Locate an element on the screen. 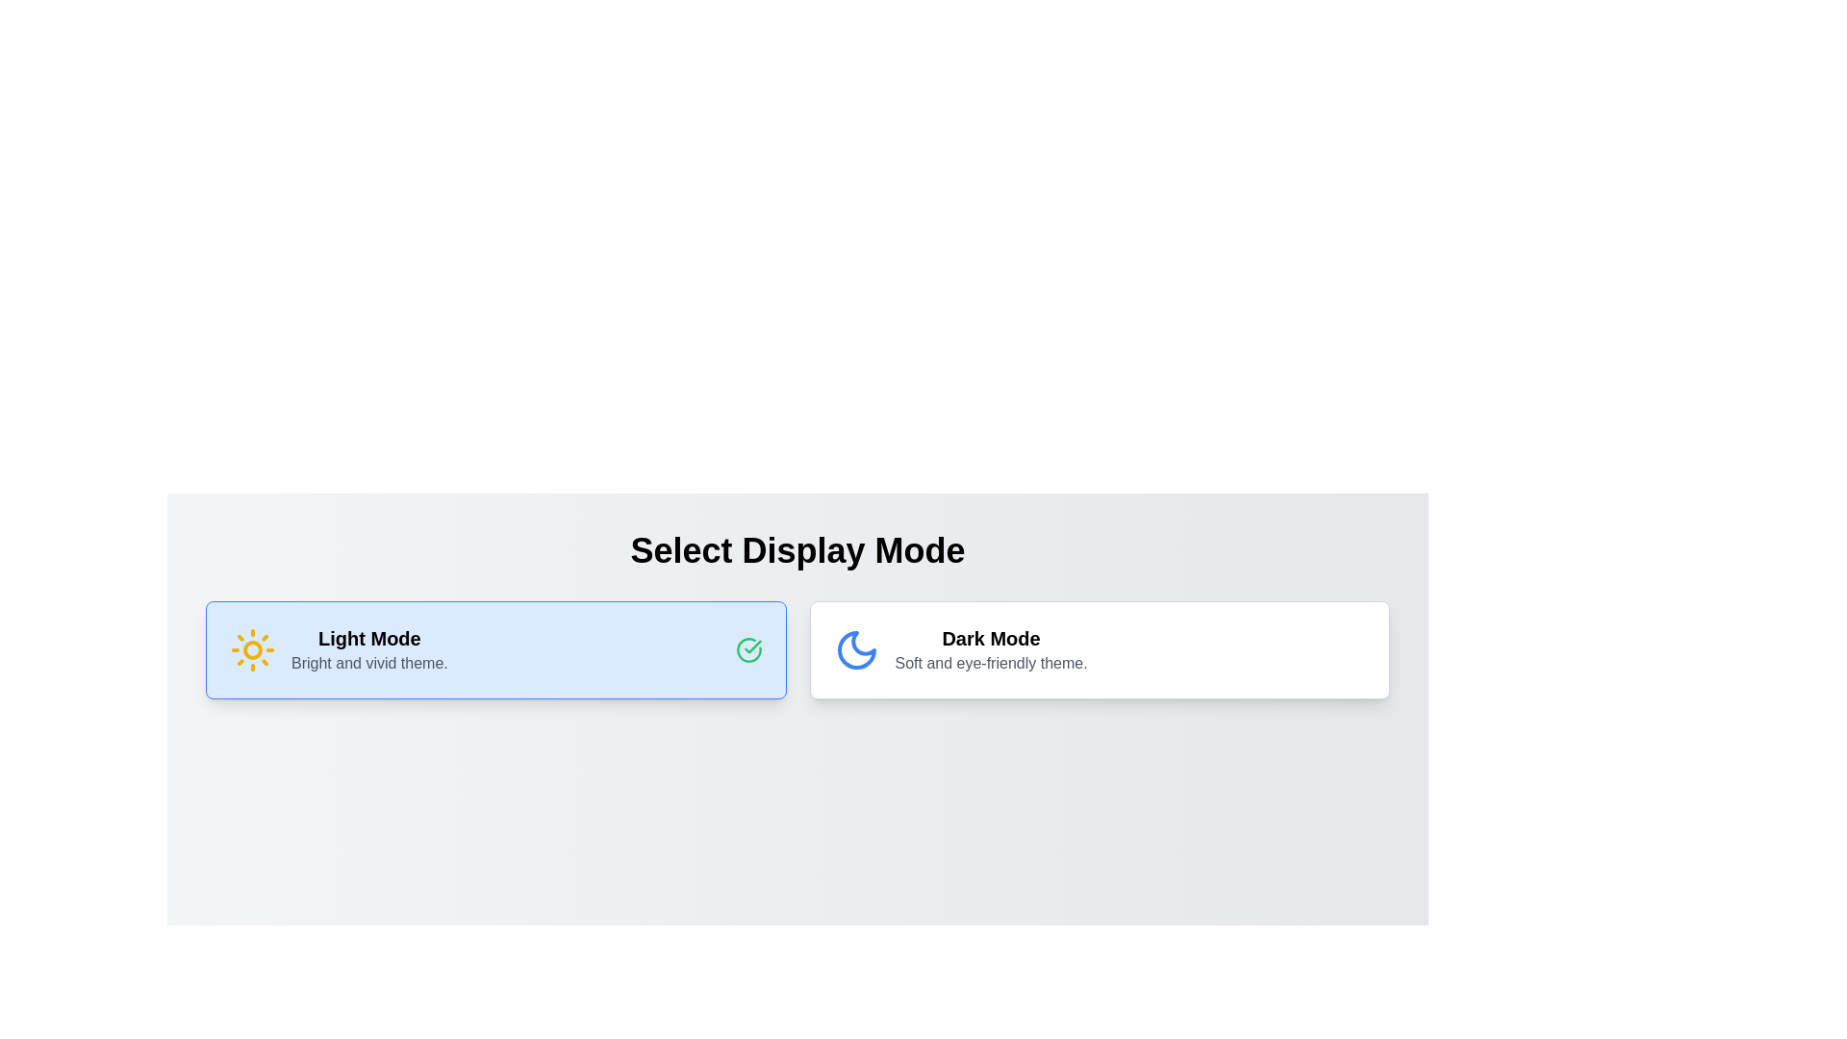  the 'Light Mode' icon located within the leftmost selection card in the 'Select Display Mode' section, positioned to the left of the text content is located at coordinates (252, 649).